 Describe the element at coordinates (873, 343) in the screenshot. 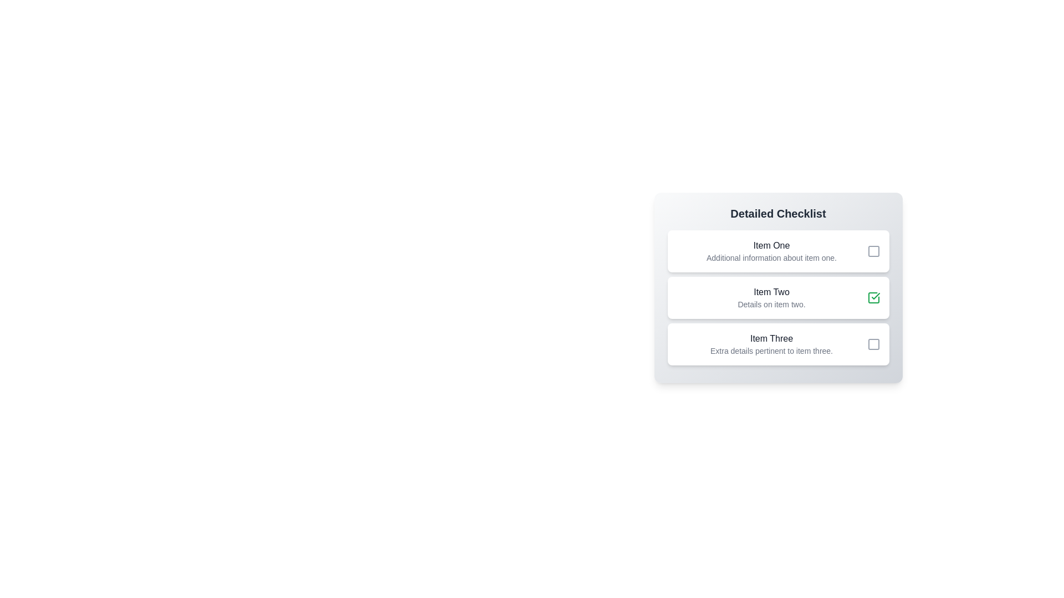

I see `the checkbox related to the third item in the checklist titled 'Item Three', positioned to the far right after the text 'Extra details pertinent to item three.'` at that location.